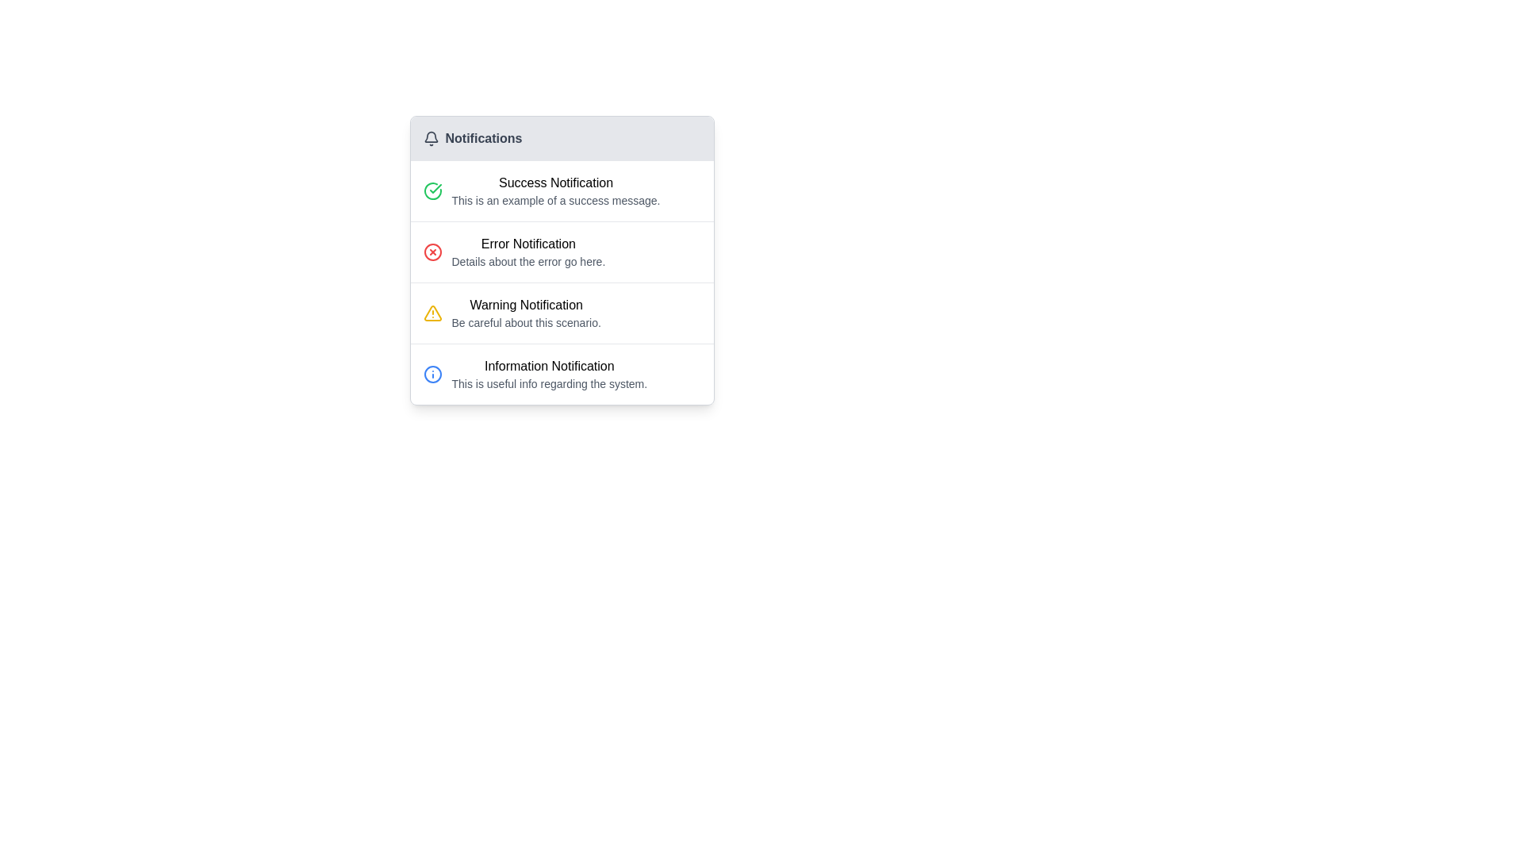  What do you see at coordinates (528, 244) in the screenshot?
I see `text from the title of the second notification in the vertically stacked notification list, which is positioned below the 'Success Notification' card and above the 'Warning Notification' card` at bounding box center [528, 244].